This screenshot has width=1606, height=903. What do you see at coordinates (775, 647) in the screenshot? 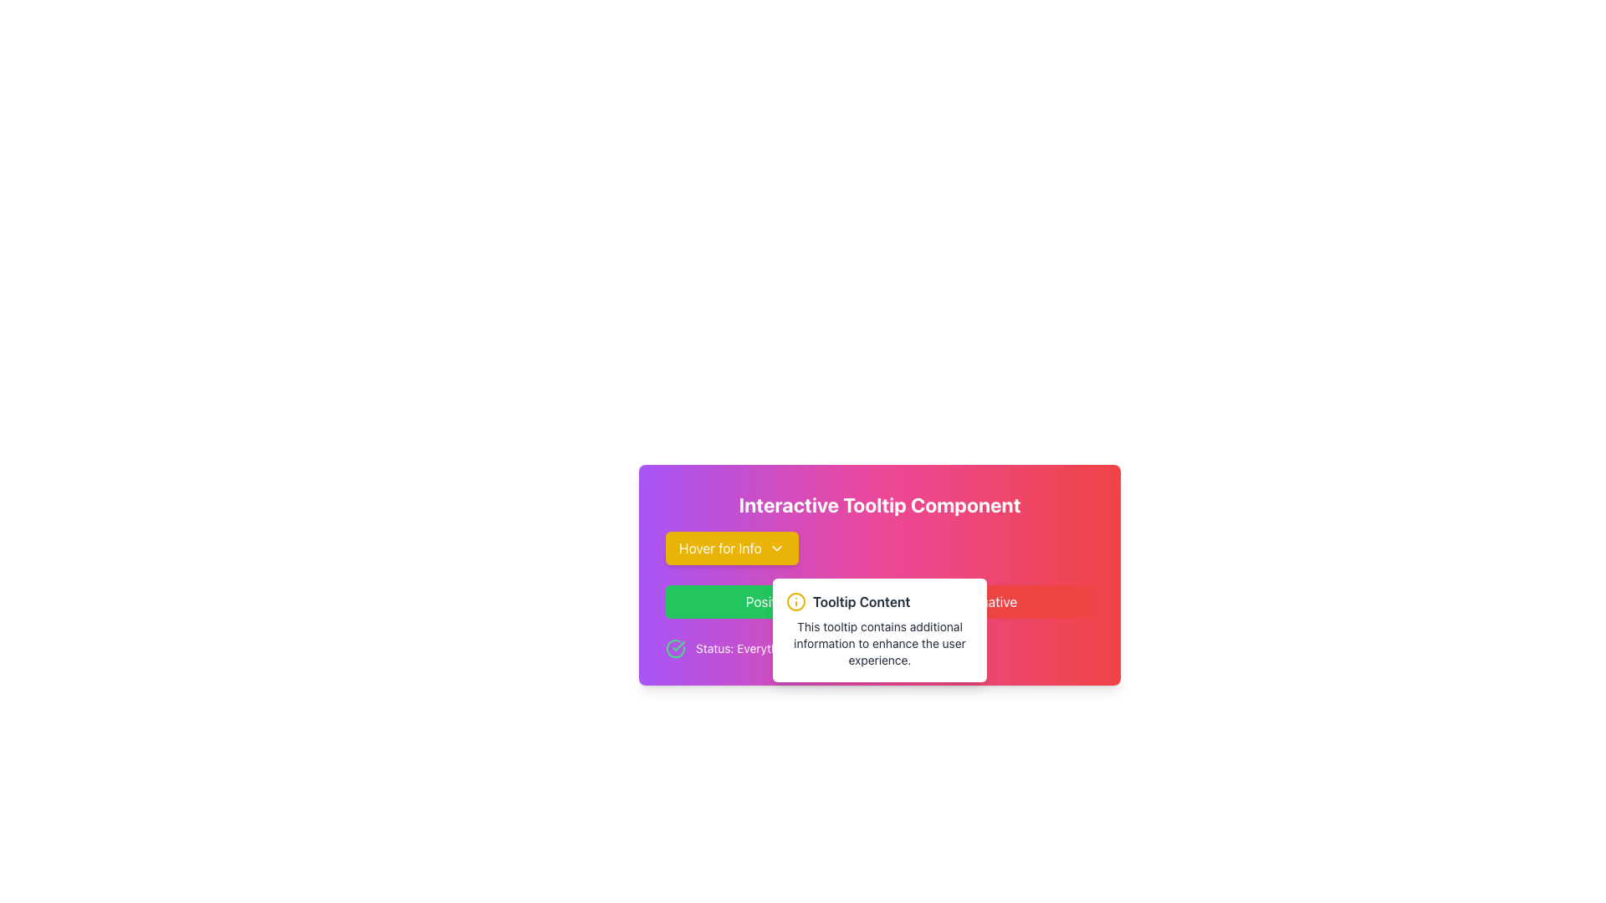
I see `the static text label displaying 'Status: Everything looks good' with a light purple background, located in the lower-left portion of the interface` at bounding box center [775, 647].